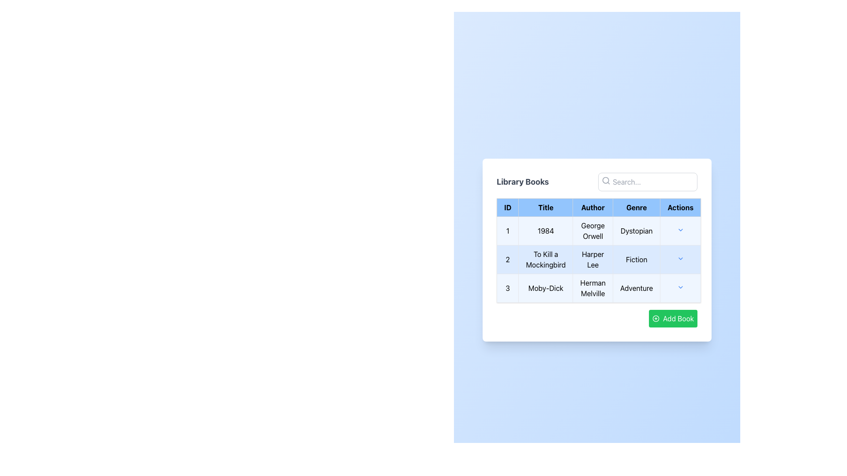 This screenshot has height=476, width=847. Describe the element at coordinates (593, 288) in the screenshot. I see `the text display cell containing 'Herman Melville' in the 'Author' column of the table for the book 'Moby-Dick'` at that location.